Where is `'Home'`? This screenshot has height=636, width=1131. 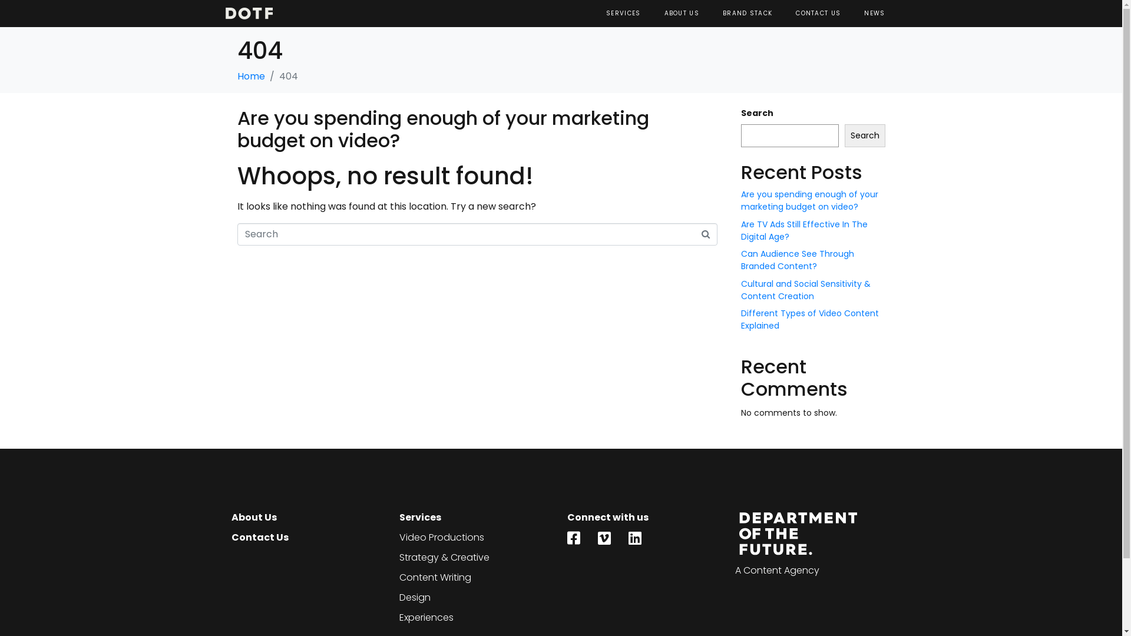
'Home' is located at coordinates (250, 76).